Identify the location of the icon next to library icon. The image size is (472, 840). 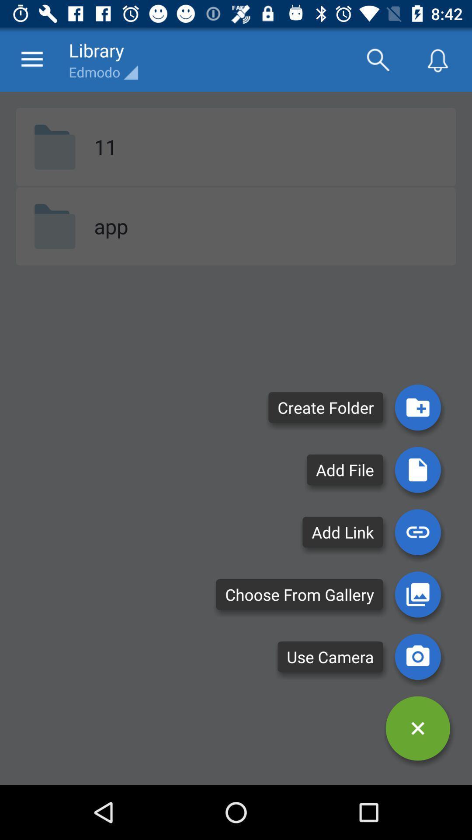
(377, 59).